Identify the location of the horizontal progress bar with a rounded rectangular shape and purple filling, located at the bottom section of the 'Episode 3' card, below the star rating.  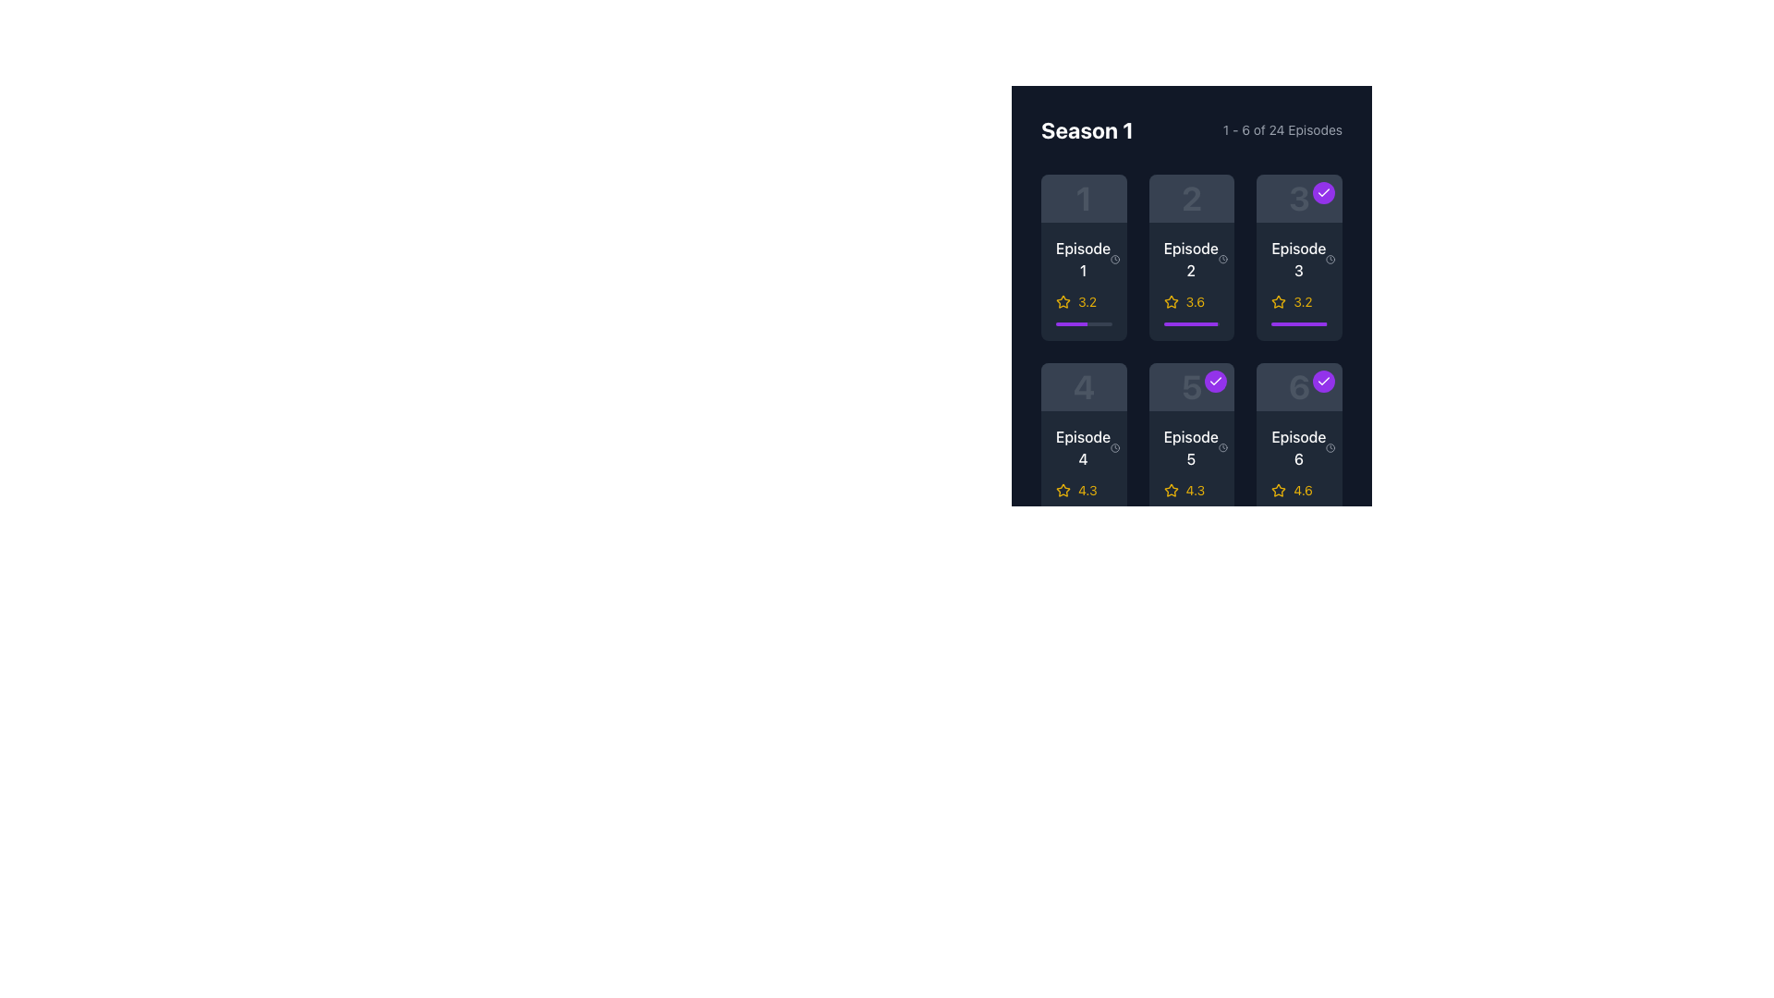
(1298, 323).